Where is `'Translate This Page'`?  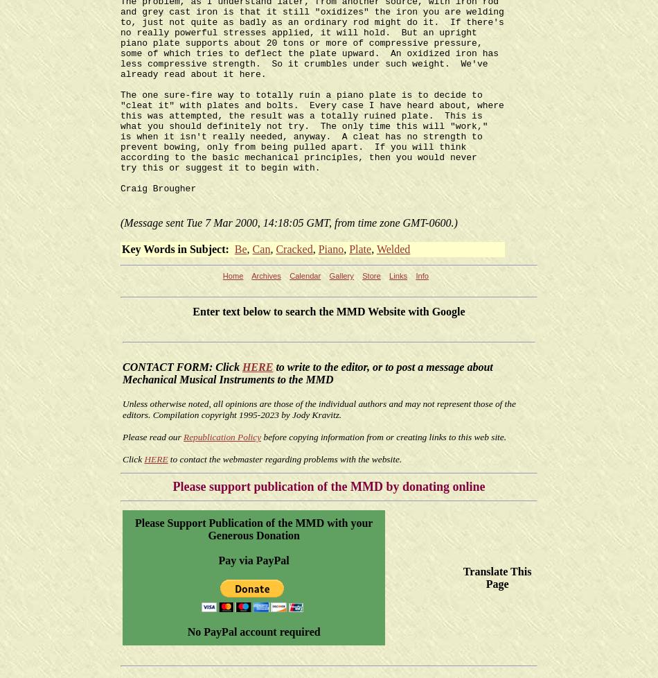
'Translate This Page' is located at coordinates (496, 576).